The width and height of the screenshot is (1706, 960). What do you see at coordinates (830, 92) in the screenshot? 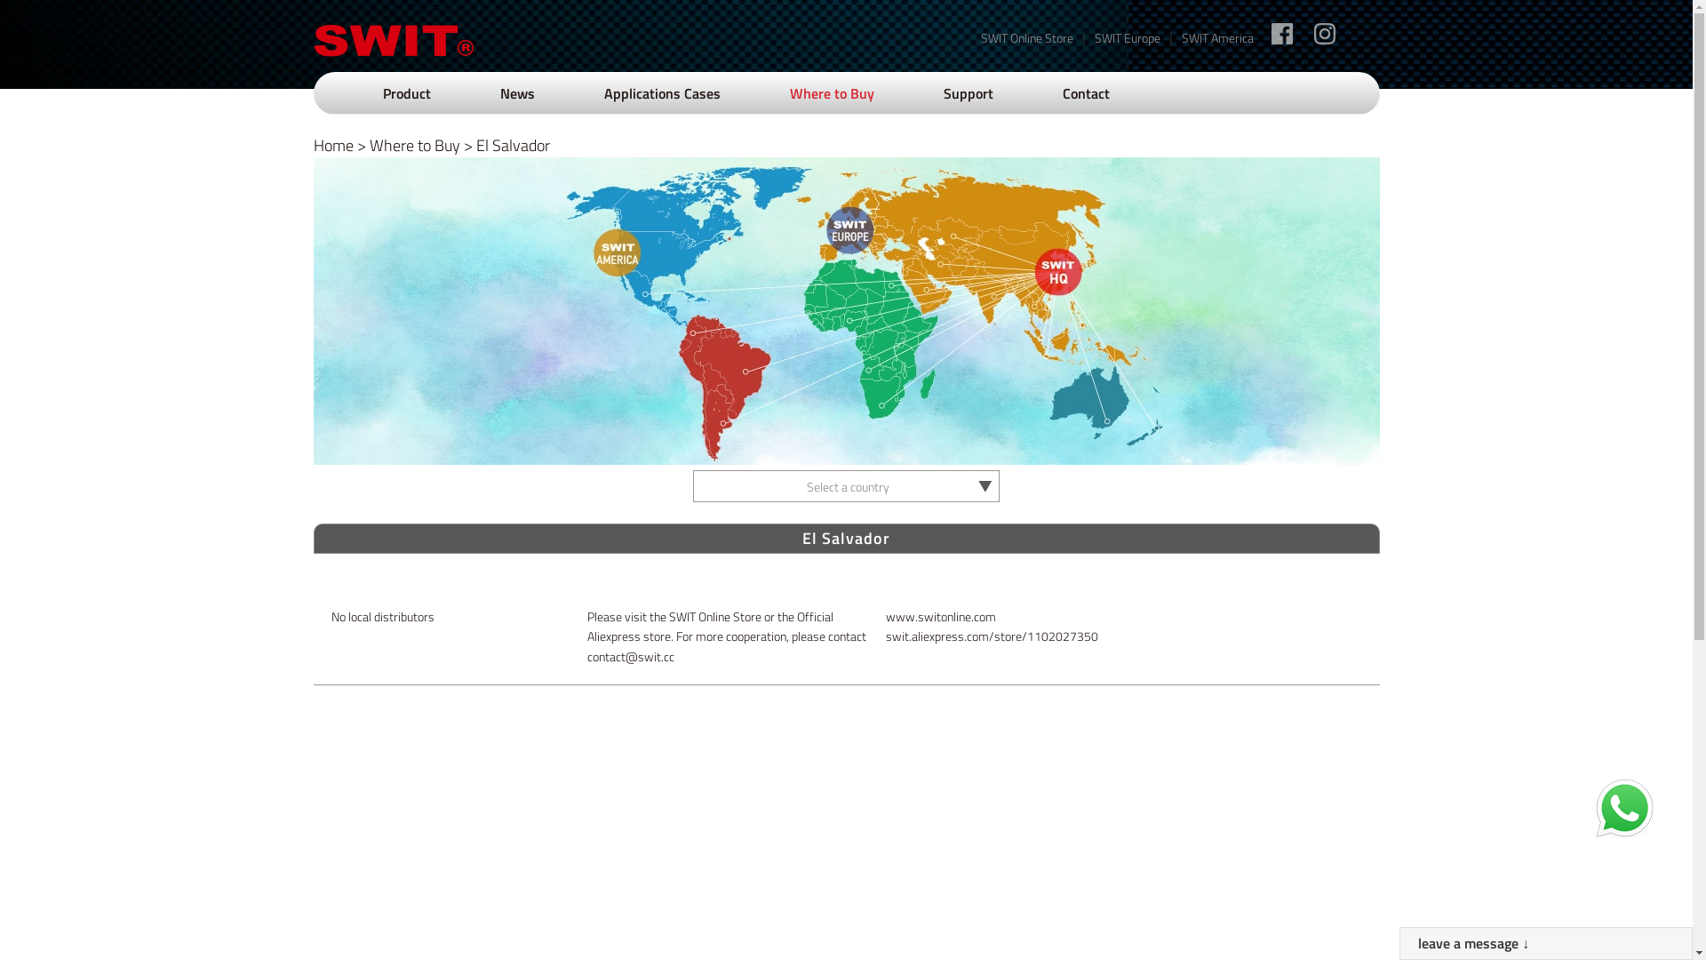
I see `'Where to Buy'` at bounding box center [830, 92].